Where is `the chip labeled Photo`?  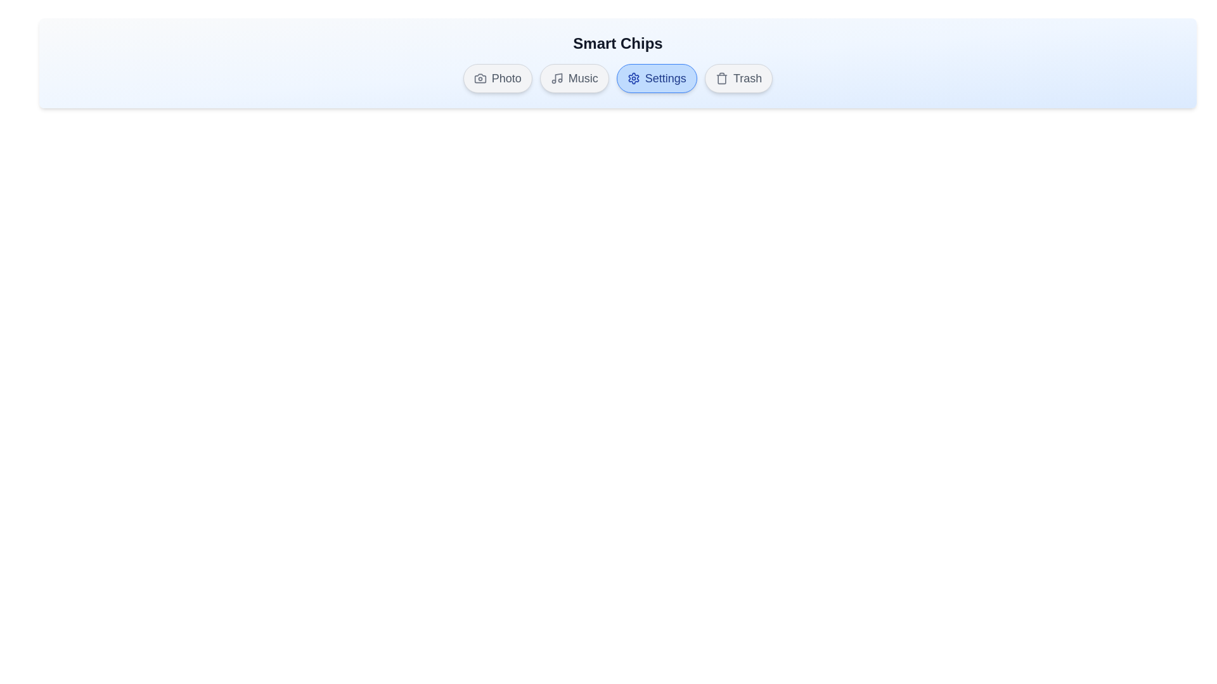
the chip labeled Photo is located at coordinates (497, 78).